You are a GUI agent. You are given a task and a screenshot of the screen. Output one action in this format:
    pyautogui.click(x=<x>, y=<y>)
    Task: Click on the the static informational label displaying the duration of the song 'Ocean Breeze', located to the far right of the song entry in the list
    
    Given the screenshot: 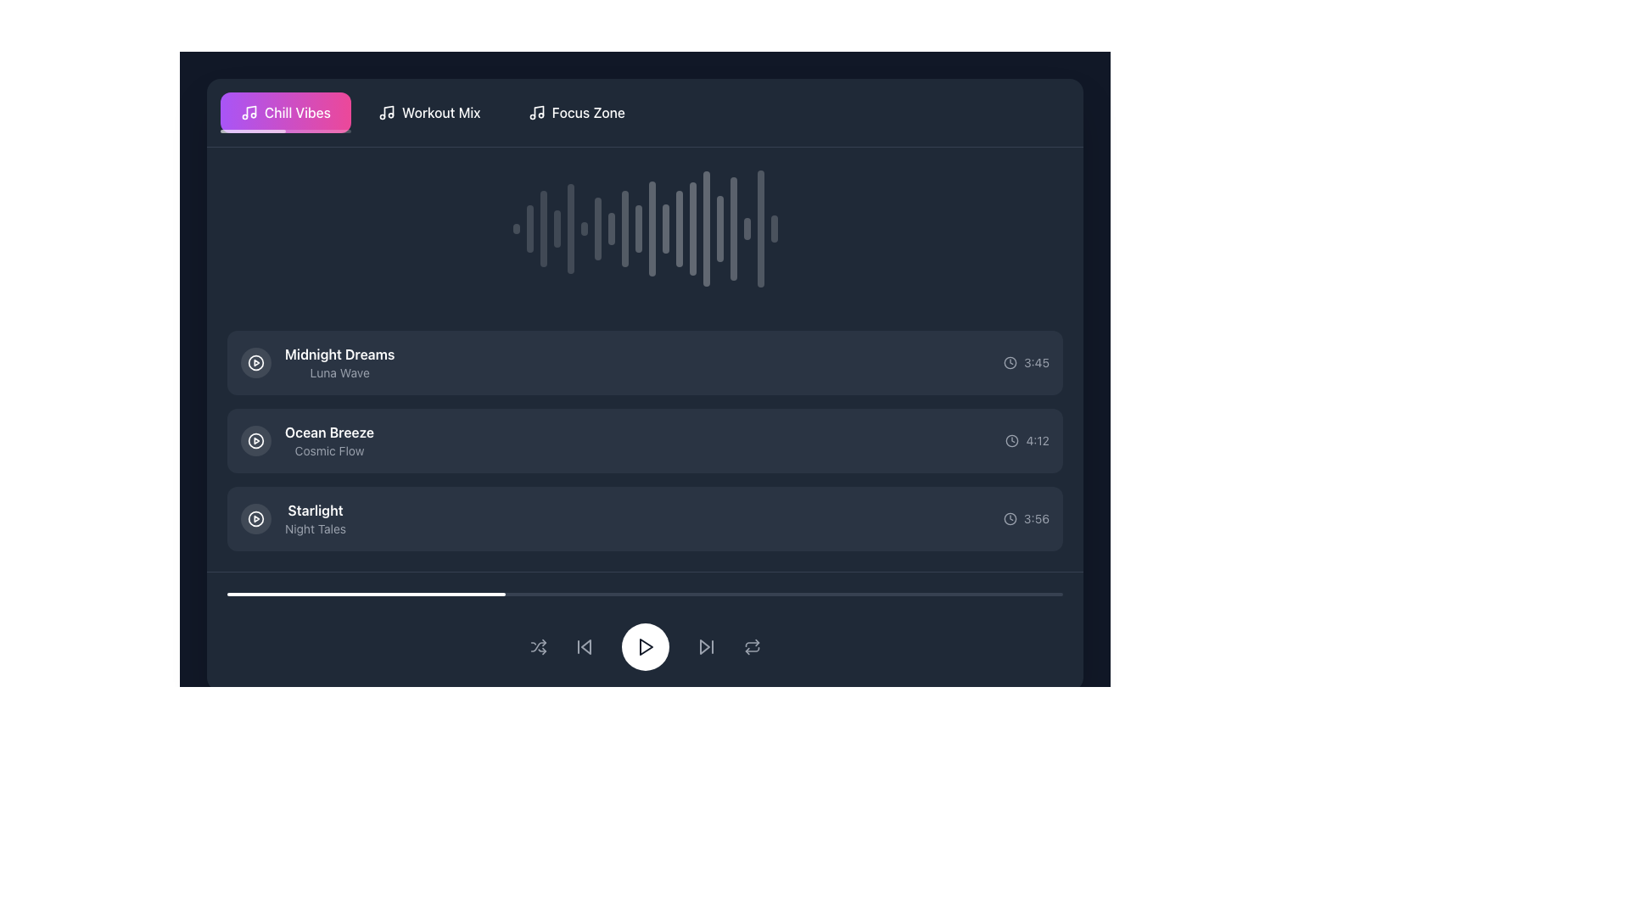 What is the action you would take?
    pyautogui.click(x=1027, y=440)
    